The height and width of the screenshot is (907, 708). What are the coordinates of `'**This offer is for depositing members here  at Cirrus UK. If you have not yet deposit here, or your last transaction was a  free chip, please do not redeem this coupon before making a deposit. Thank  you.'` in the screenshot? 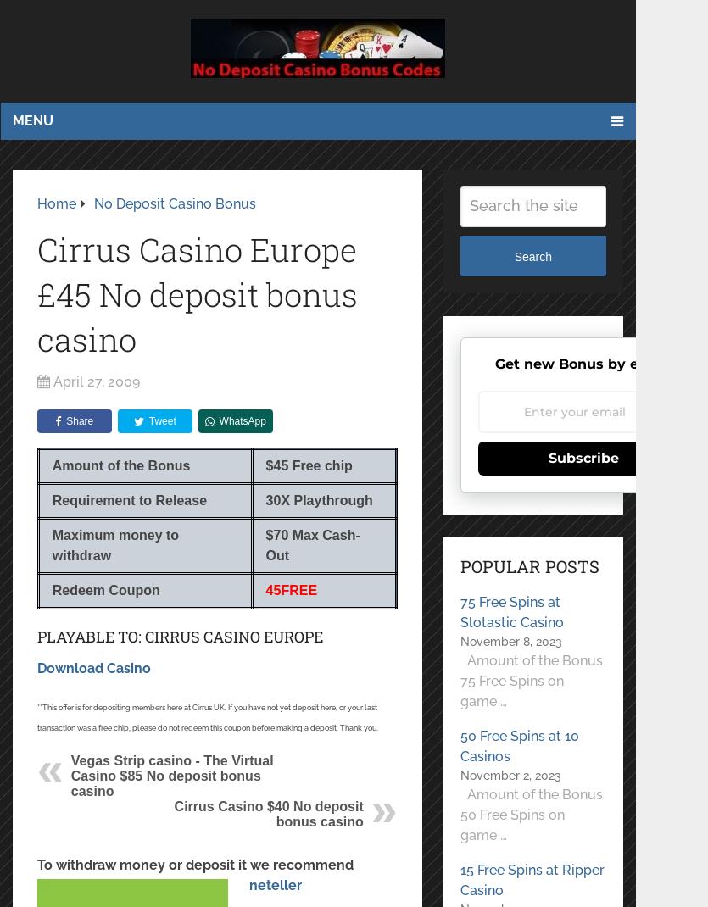 It's located at (206, 717).